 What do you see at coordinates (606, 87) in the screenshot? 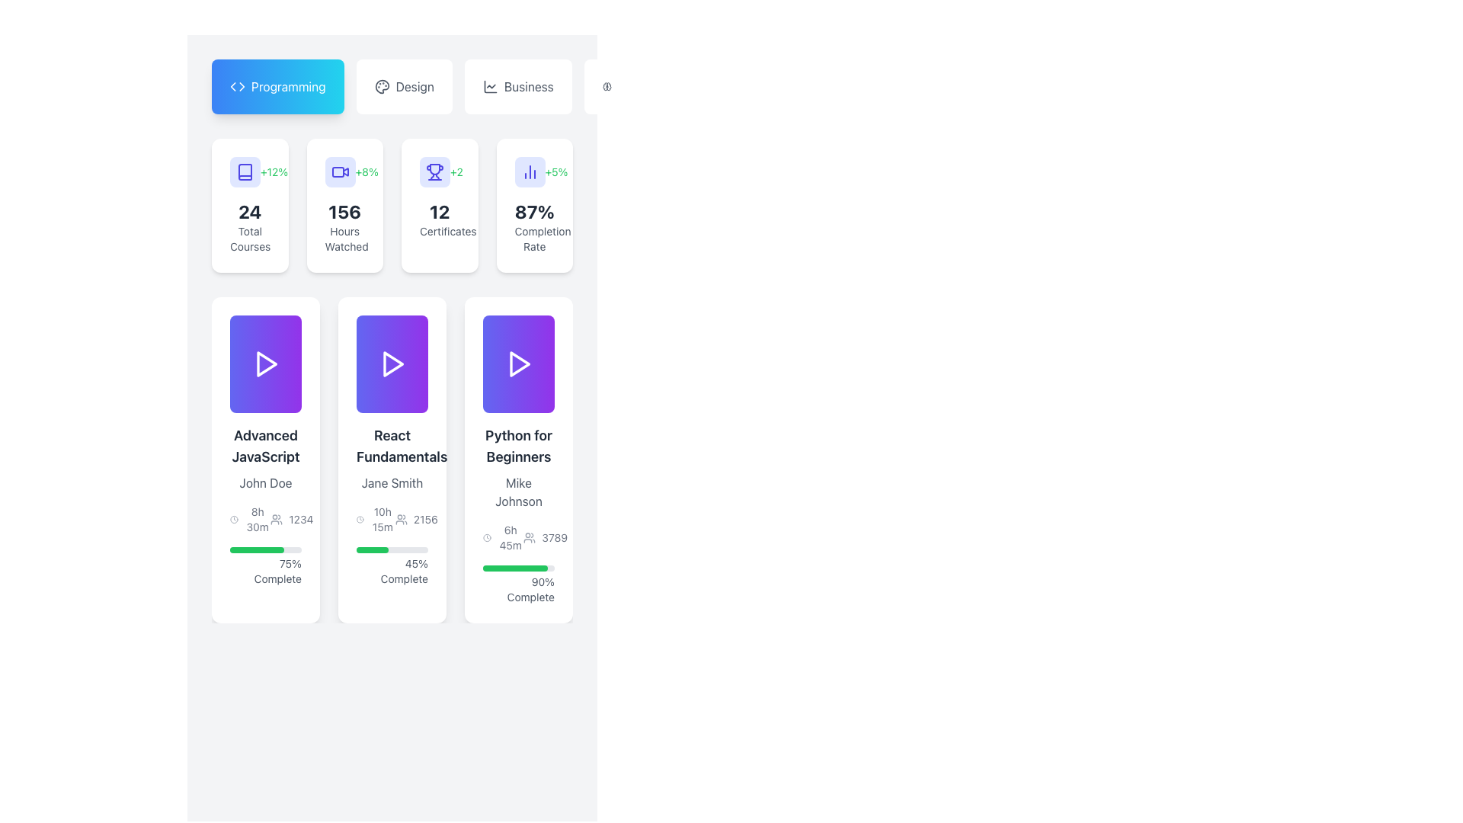
I see `the brain icon located on the 'AI & Data' button, which is styled as an SVG and has a rounded outline` at bounding box center [606, 87].